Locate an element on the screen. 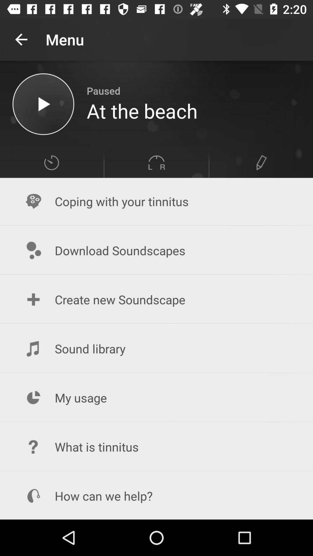 The height and width of the screenshot is (556, 313). icon above the what is tinnitus is located at coordinates (156, 397).